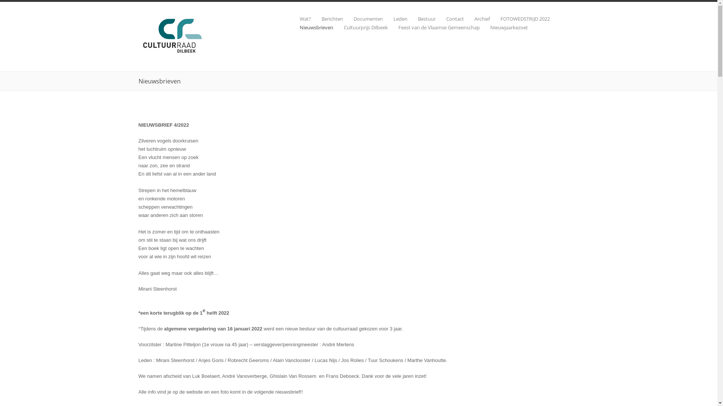 Image resolution: width=723 pixels, height=406 pixels. I want to click on 'Leden', so click(383, 18).